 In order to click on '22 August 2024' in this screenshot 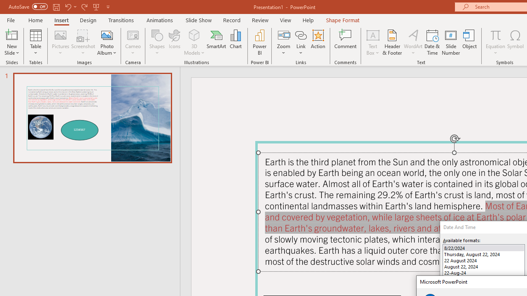, I will do `click(484, 260)`.